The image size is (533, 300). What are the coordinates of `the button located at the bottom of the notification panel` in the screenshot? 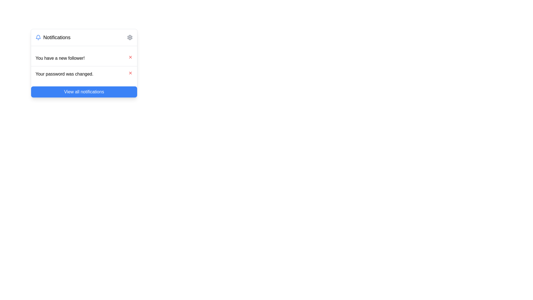 It's located at (84, 92).